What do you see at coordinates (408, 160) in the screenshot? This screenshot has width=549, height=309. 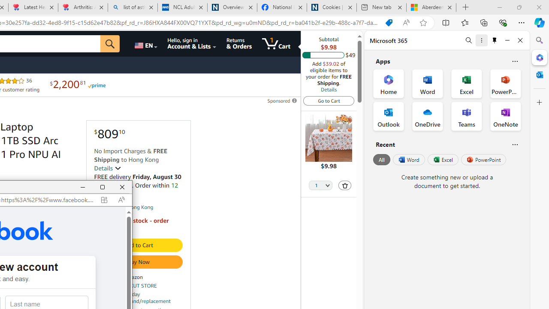 I see `'Word'` at bounding box center [408, 160].